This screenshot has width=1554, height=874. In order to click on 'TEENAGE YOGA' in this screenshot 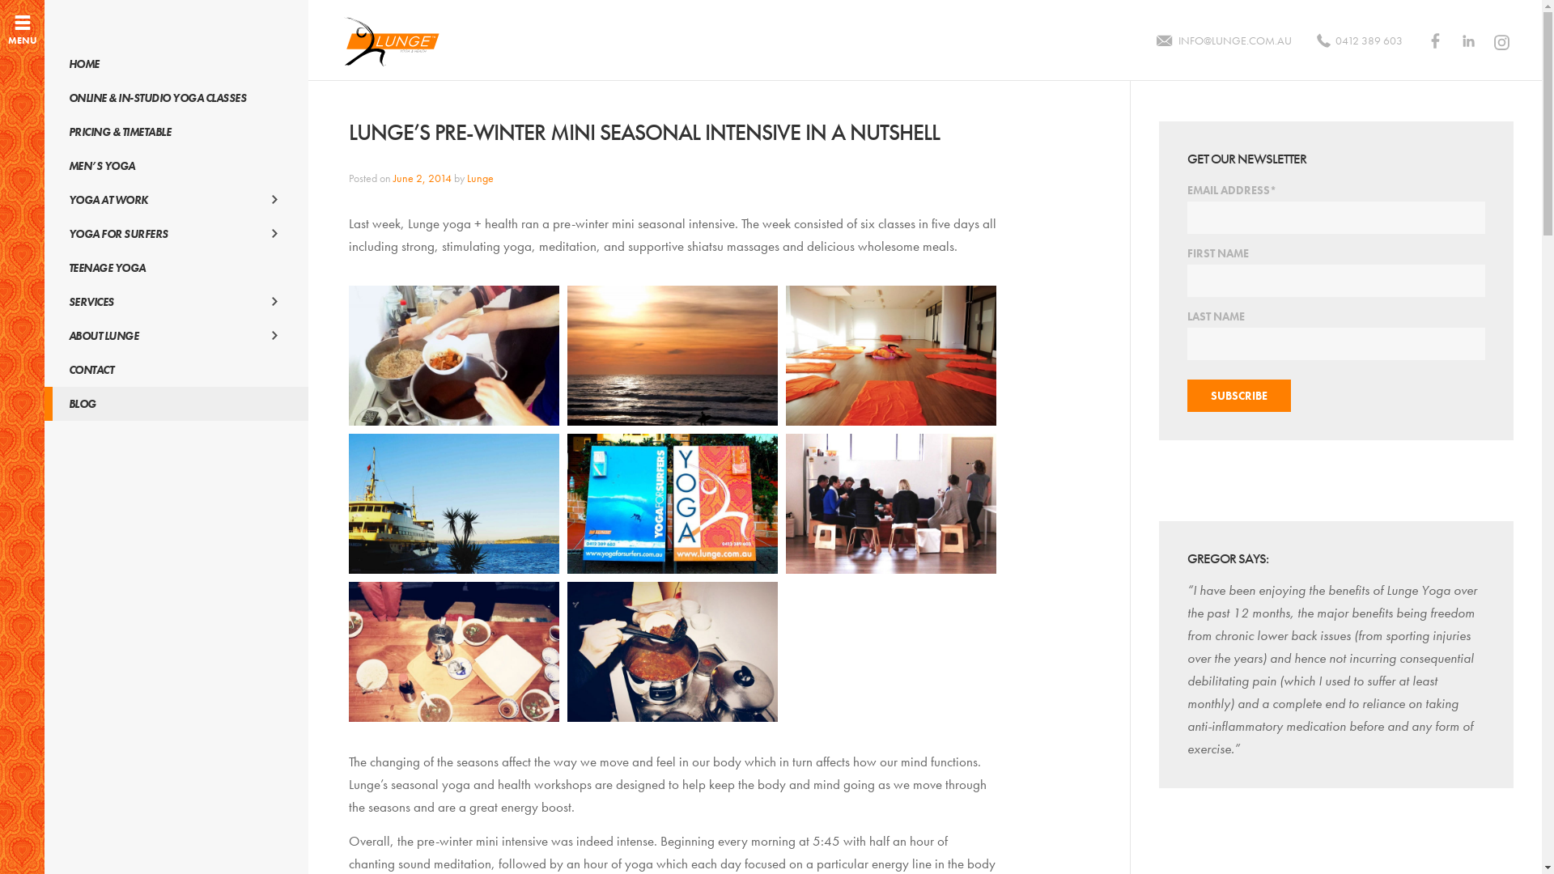, I will do `click(176, 267)`.